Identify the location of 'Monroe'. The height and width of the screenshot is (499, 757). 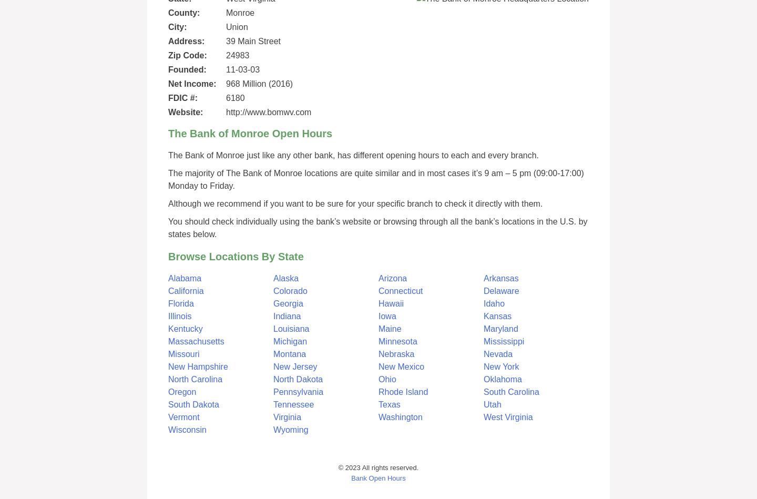
(226, 13).